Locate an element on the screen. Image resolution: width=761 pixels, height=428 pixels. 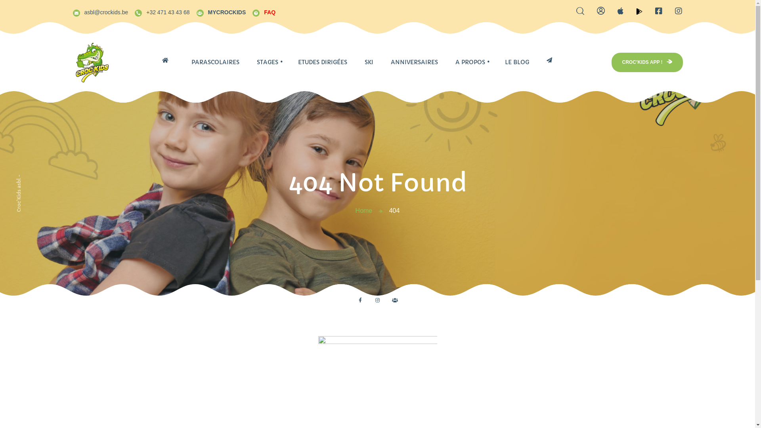
' ' is located at coordinates (537, 59).